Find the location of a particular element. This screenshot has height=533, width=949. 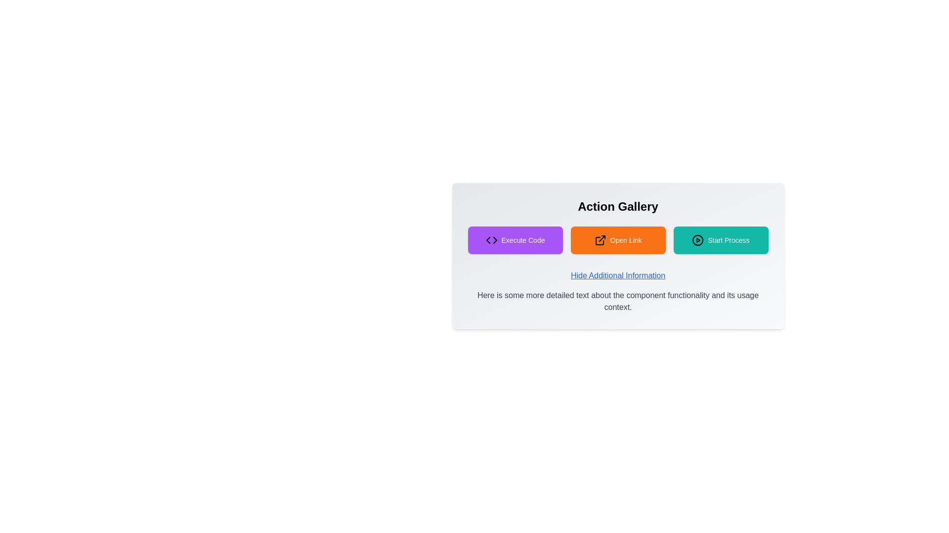

the hyperlink labeled 'Hide Additional Information' is located at coordinates (617, 276).